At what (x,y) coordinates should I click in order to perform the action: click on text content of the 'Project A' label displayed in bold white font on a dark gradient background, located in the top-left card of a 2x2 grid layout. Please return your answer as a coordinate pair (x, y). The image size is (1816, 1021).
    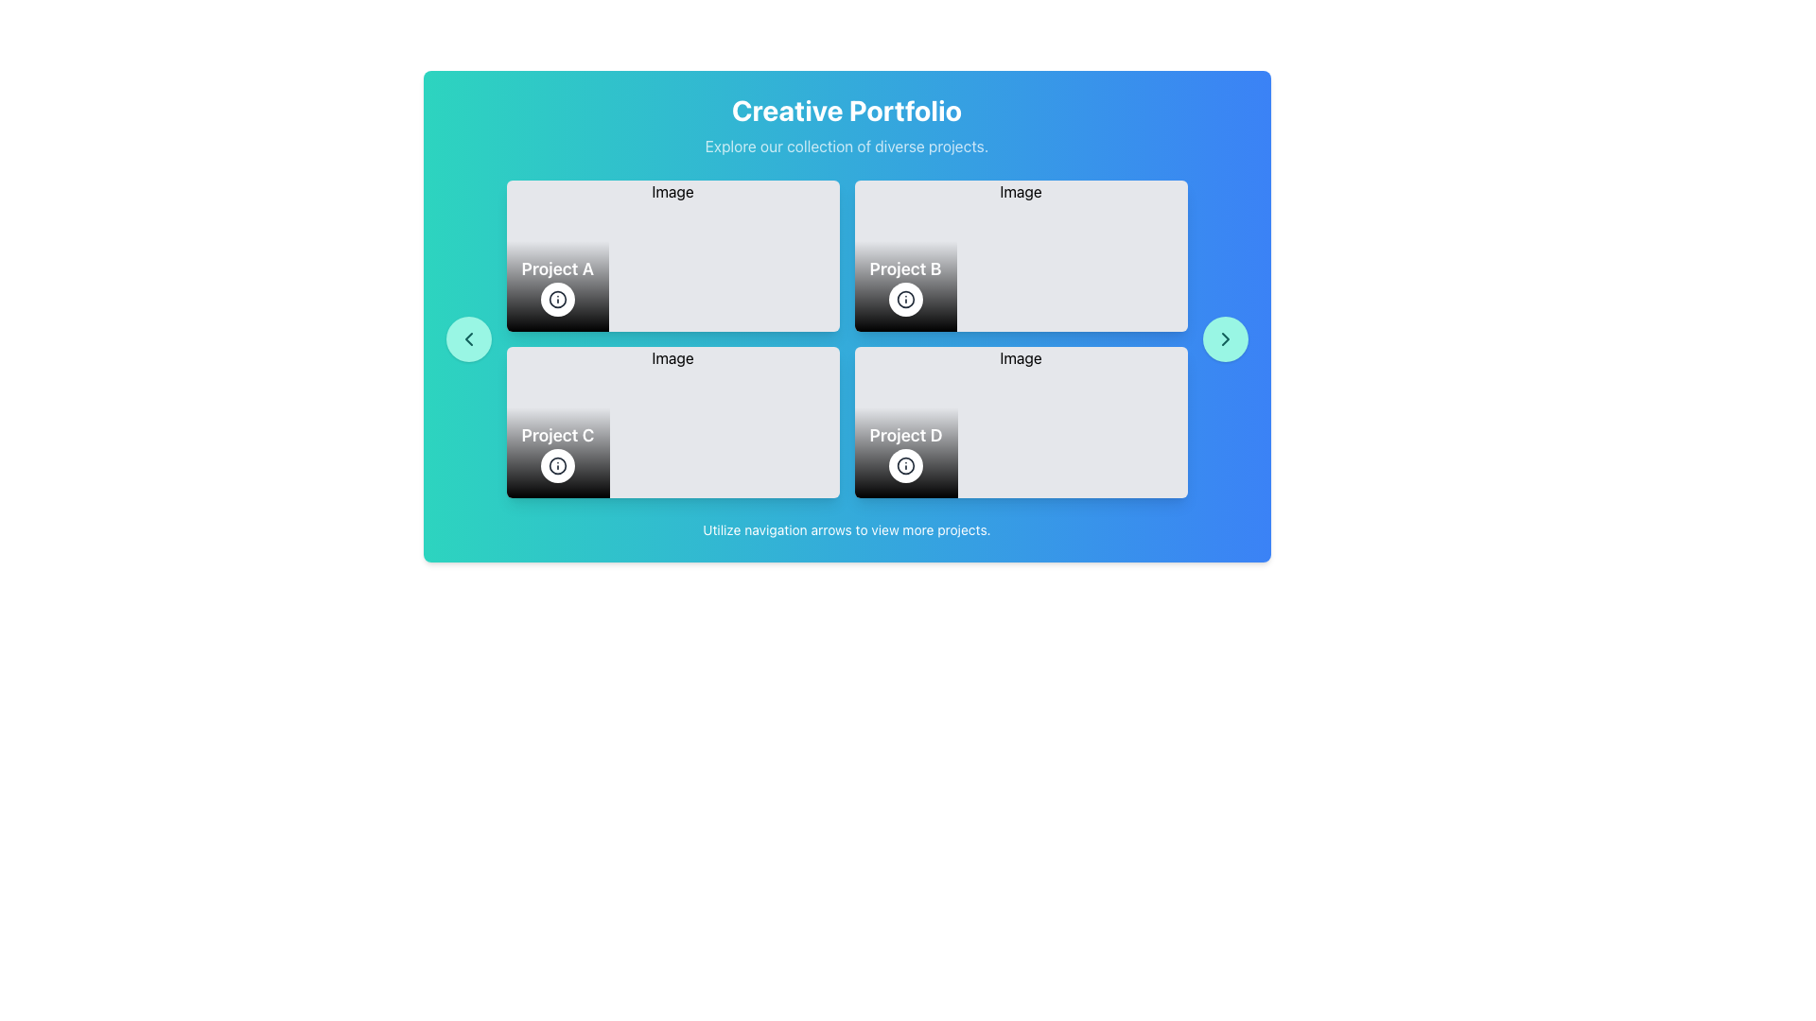
    Looking at the image, I should click on (556, 269).